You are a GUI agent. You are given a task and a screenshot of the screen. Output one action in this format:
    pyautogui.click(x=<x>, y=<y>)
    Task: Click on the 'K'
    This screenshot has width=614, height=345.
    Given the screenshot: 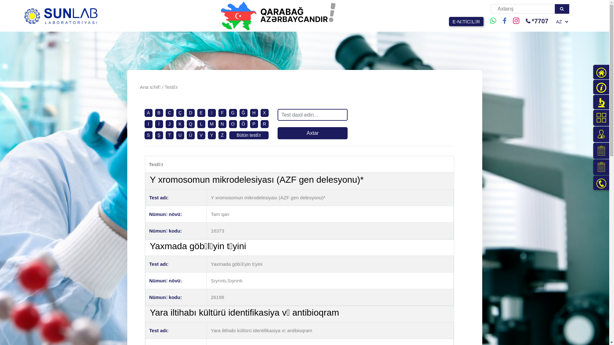 What is the action you would take?
    pyautogui.click(x=178, y=124)
    